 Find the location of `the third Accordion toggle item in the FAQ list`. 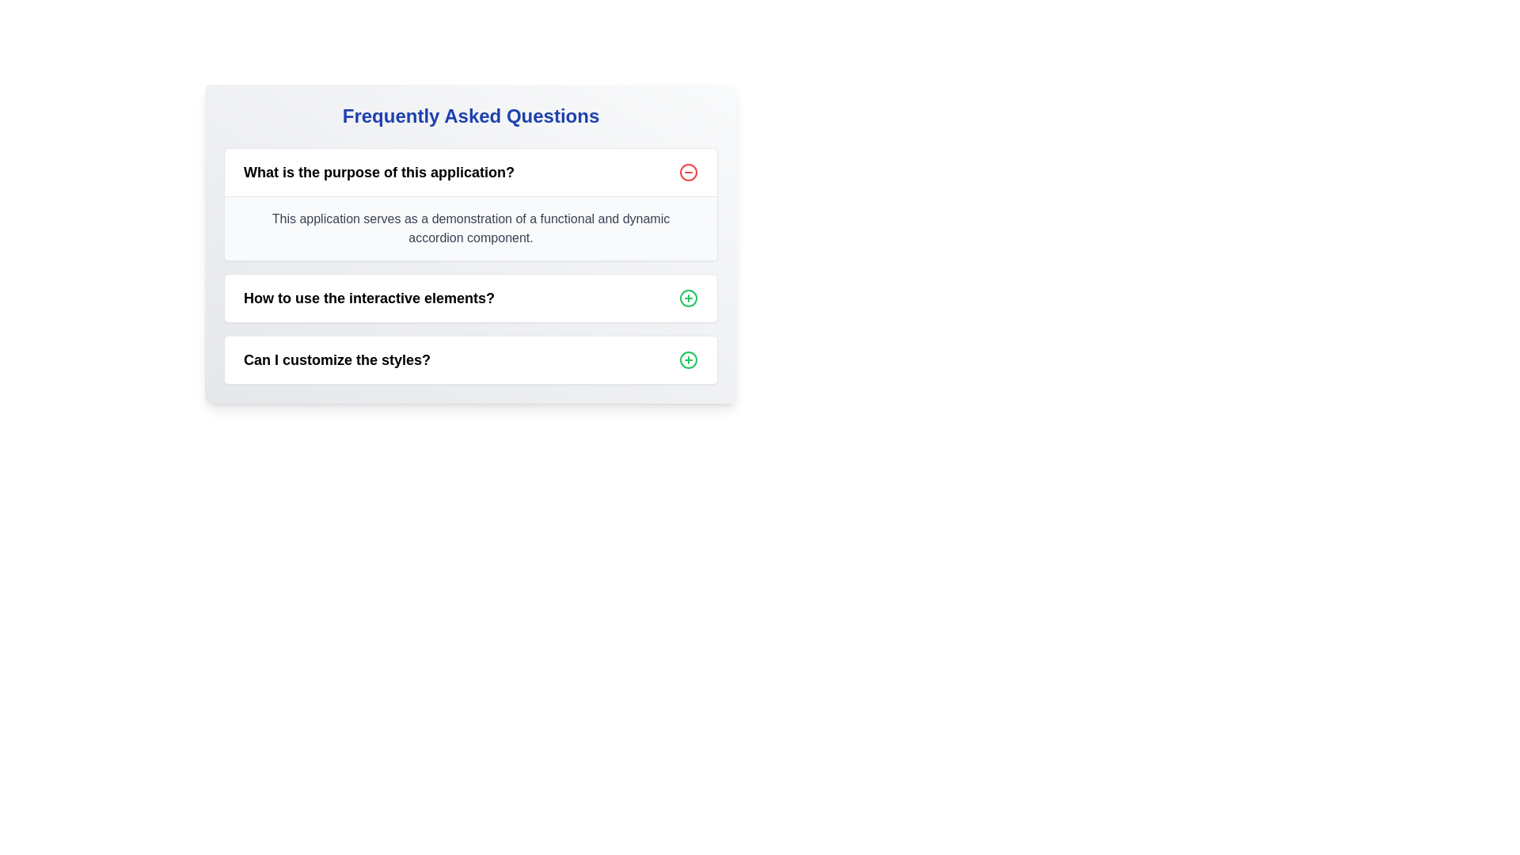

the third Accordion toggle item in the FAQ list is located at coordinates (470, 360).